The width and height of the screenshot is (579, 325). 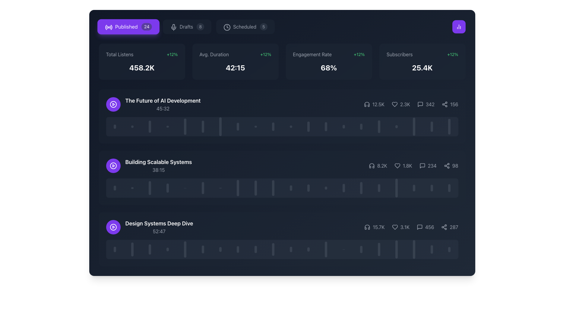 What do you see at coordinates (273, 187) in the screenshot?
I see `the tenth vertical progress bar in the 'Building Scalable Systems' section of the interface, which serves as a timeline indicator` at bounding box center [273, 187].